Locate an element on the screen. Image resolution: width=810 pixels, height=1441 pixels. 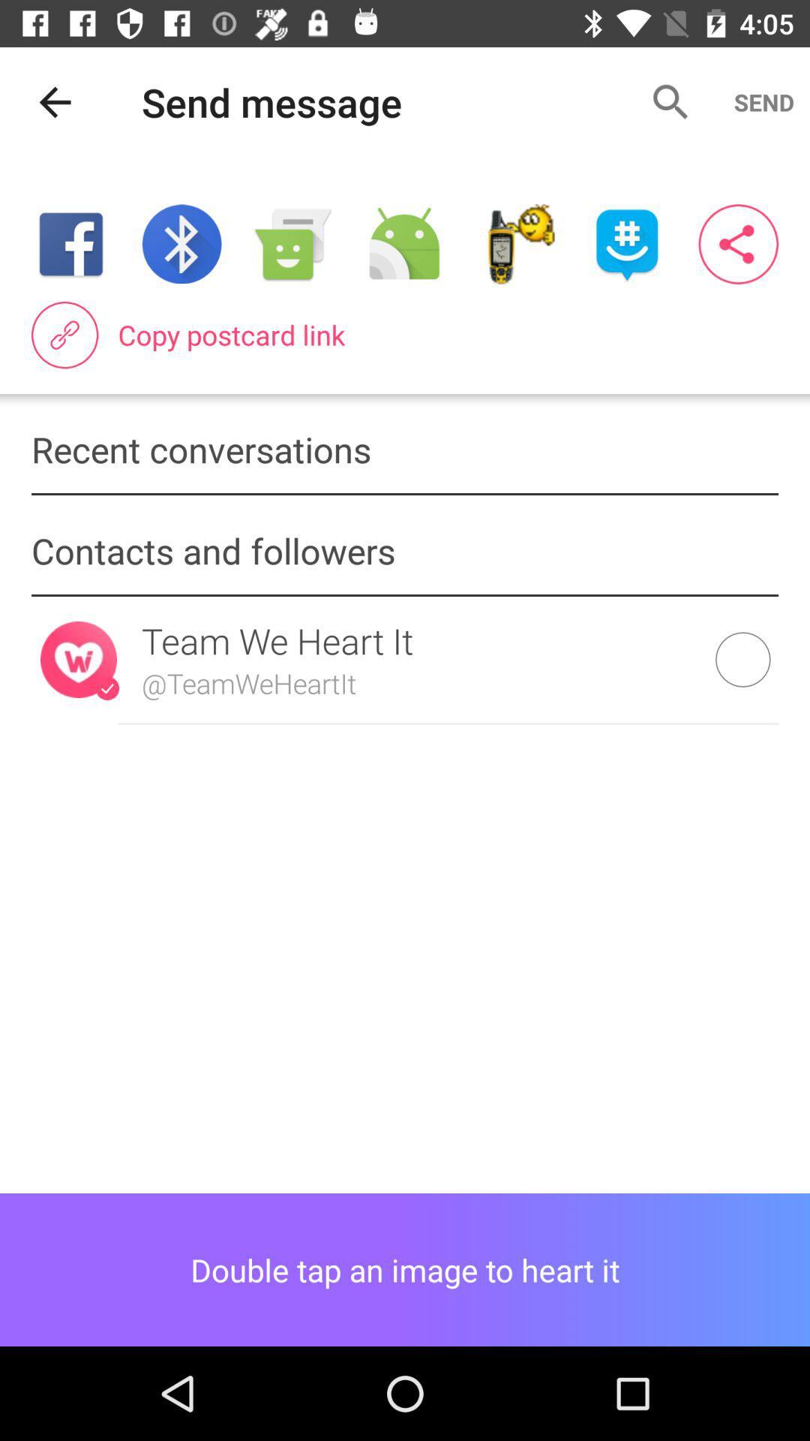
item above copy postcard link is located at coordinates (627, 244).